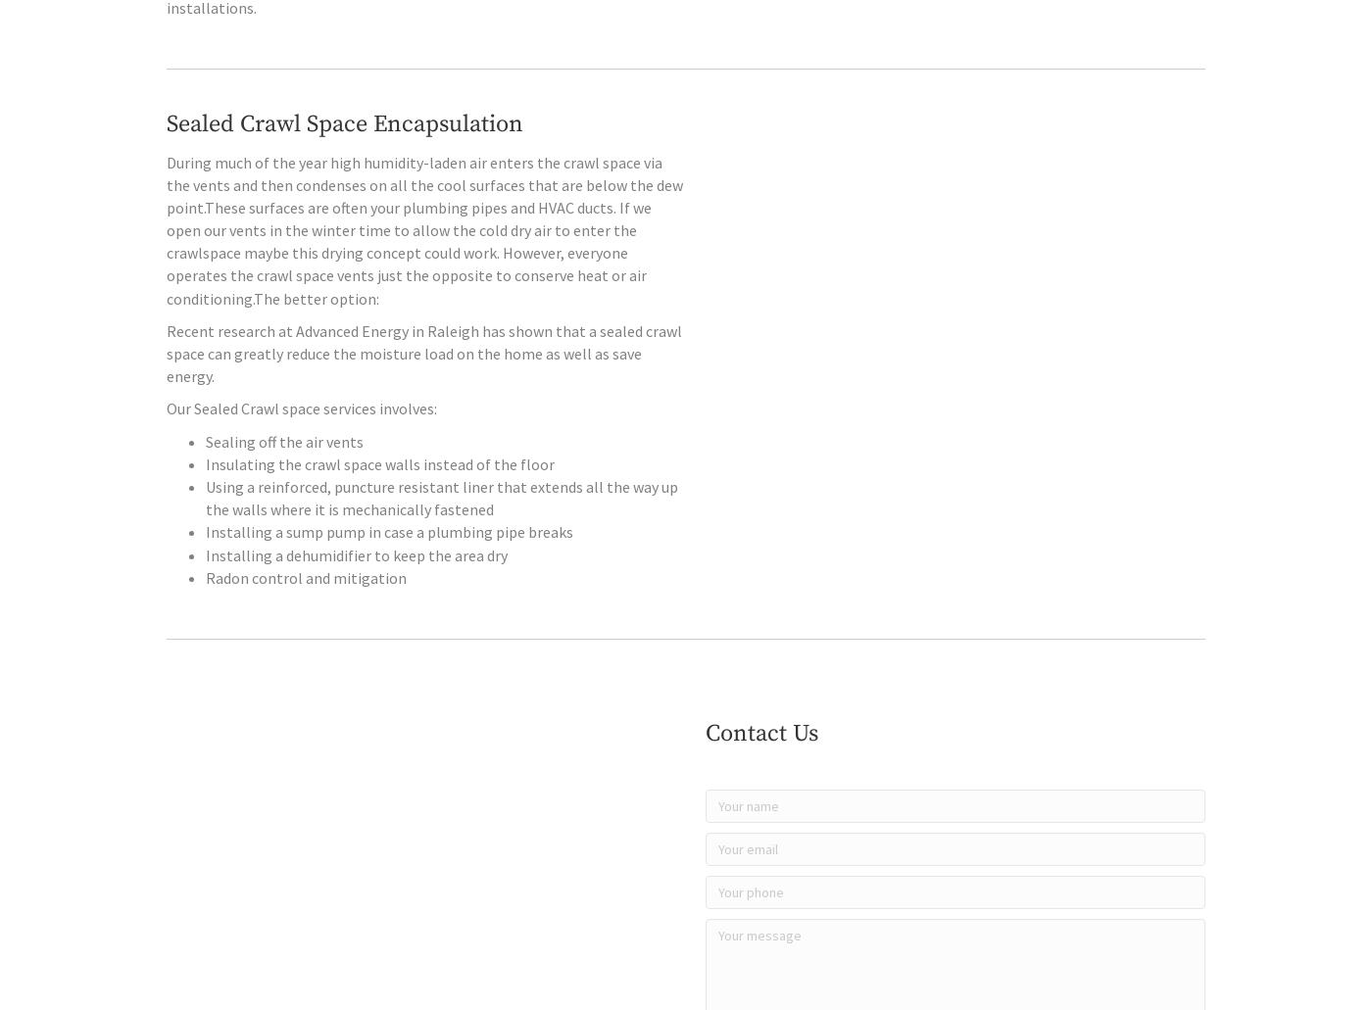 The height and width of the screenshot is (1010, 1372). I want to click on 'Insulating the crawl space walls instead of the floor', so click(206, 504).